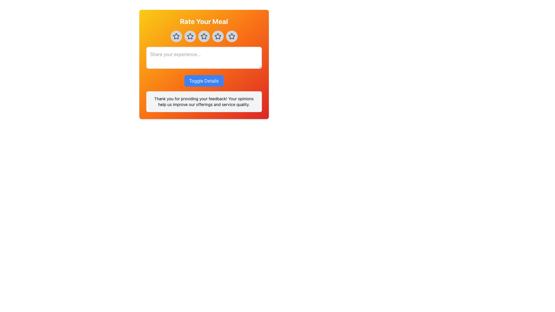 This screenshot has width=555, height=312. Describe the element at coordinates (190, 36) in the screenshot. I see `the second rating button under the 'Rate Your Meal' title` at that location.